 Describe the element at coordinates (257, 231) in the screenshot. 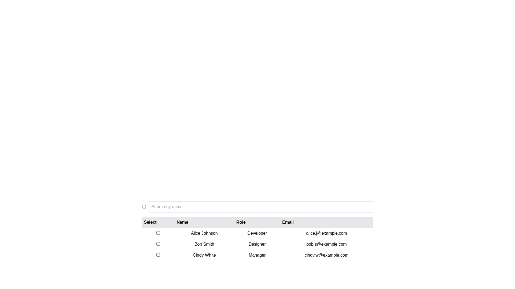

I see `on the 'Developer' text label in the 'Role' column corresponding` at that location.